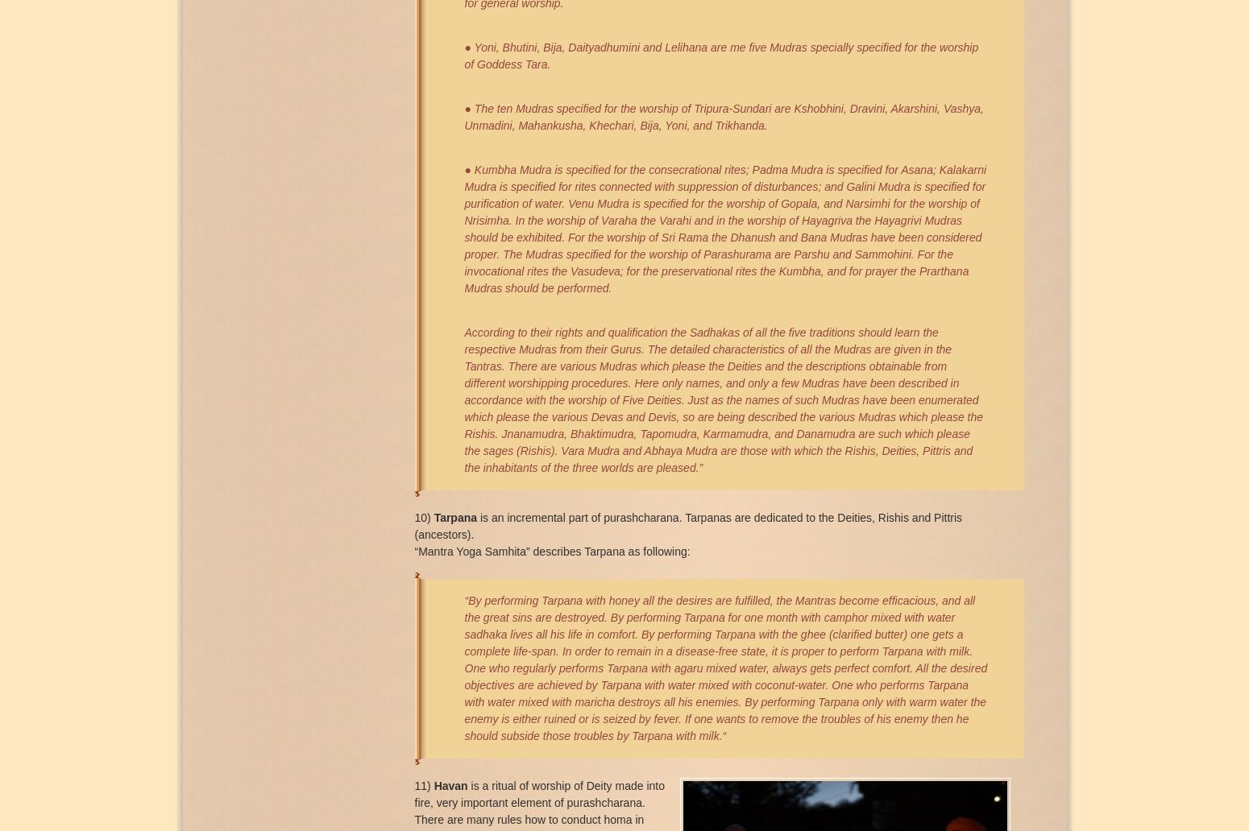 This screenshot has width=1249, height=831. Describe the element at coordinates (451, 784) in the screenshot. I see `'Havan'` at that location.